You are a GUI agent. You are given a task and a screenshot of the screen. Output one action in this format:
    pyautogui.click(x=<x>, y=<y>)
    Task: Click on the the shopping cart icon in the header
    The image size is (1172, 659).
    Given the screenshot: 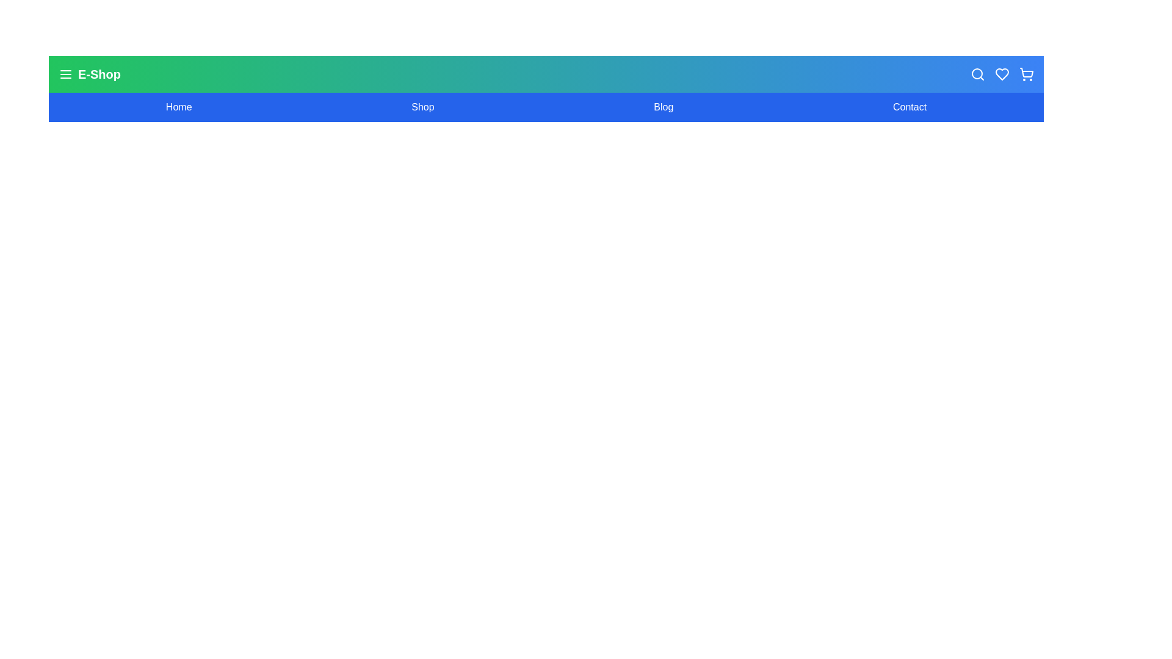 What is the action you would take?
    pyautogui.click(x=1025, y=74)
    